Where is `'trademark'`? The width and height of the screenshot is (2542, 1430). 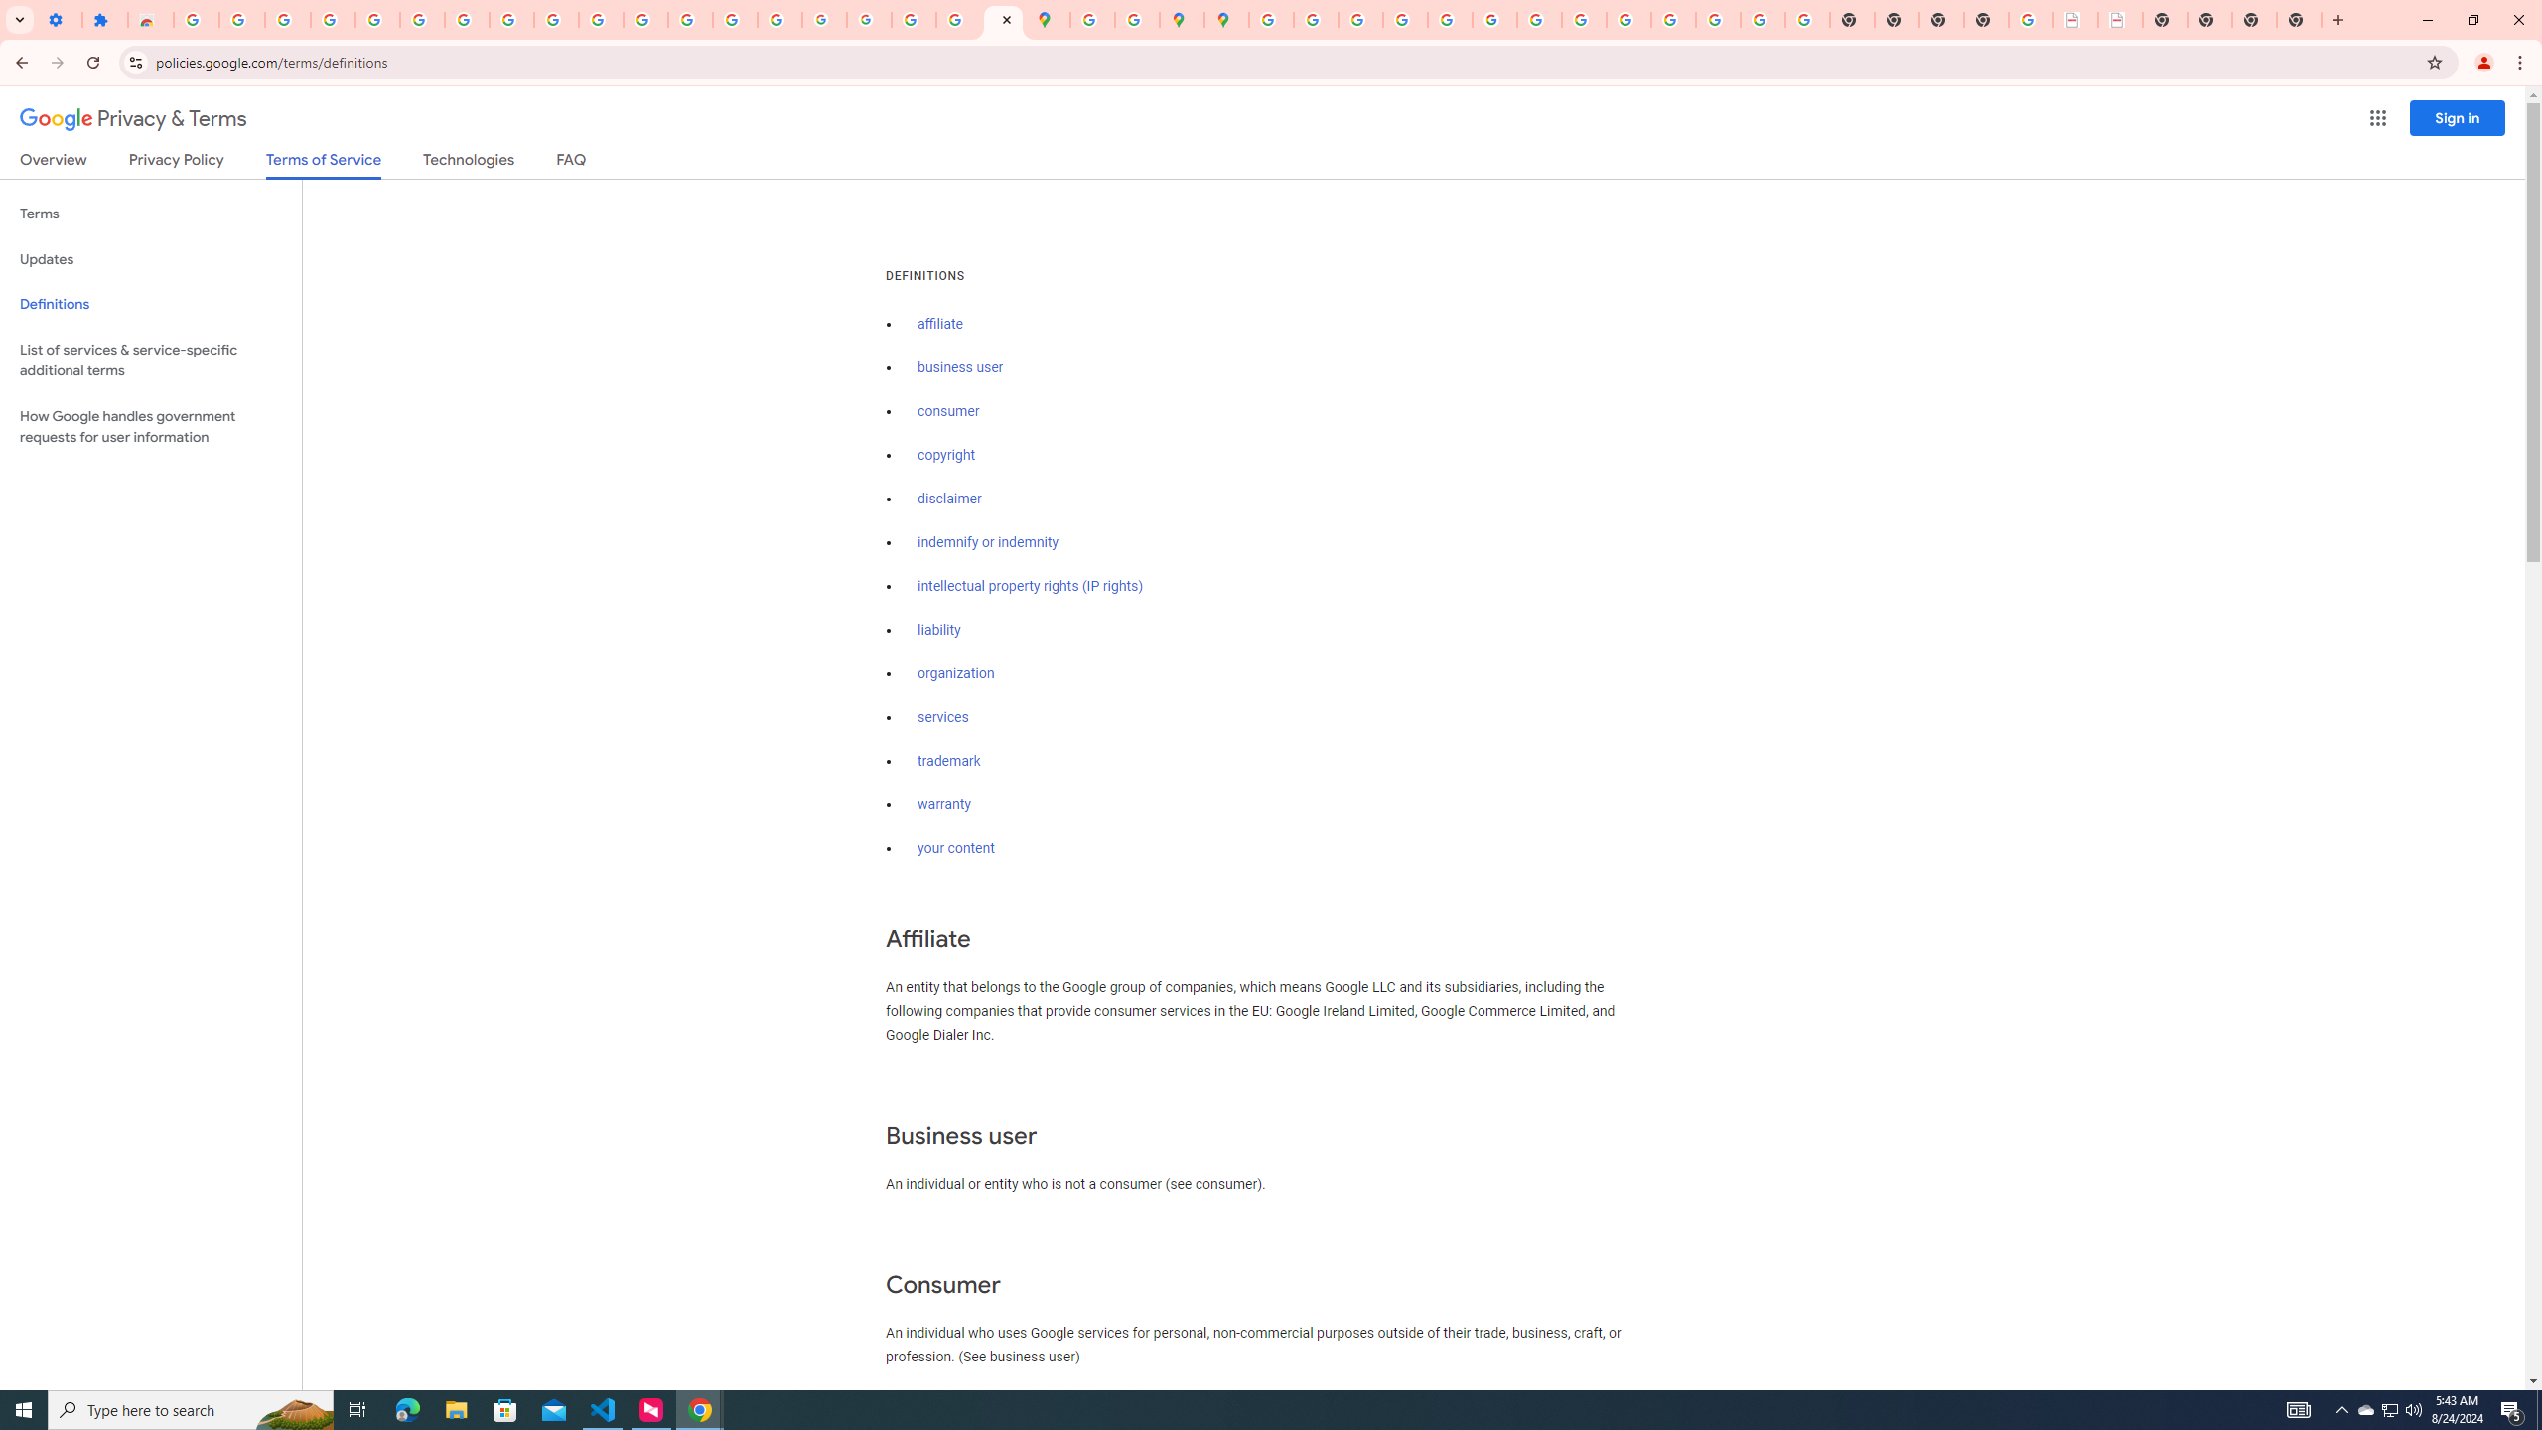 'trademark' is located at coordinates (948, 760).